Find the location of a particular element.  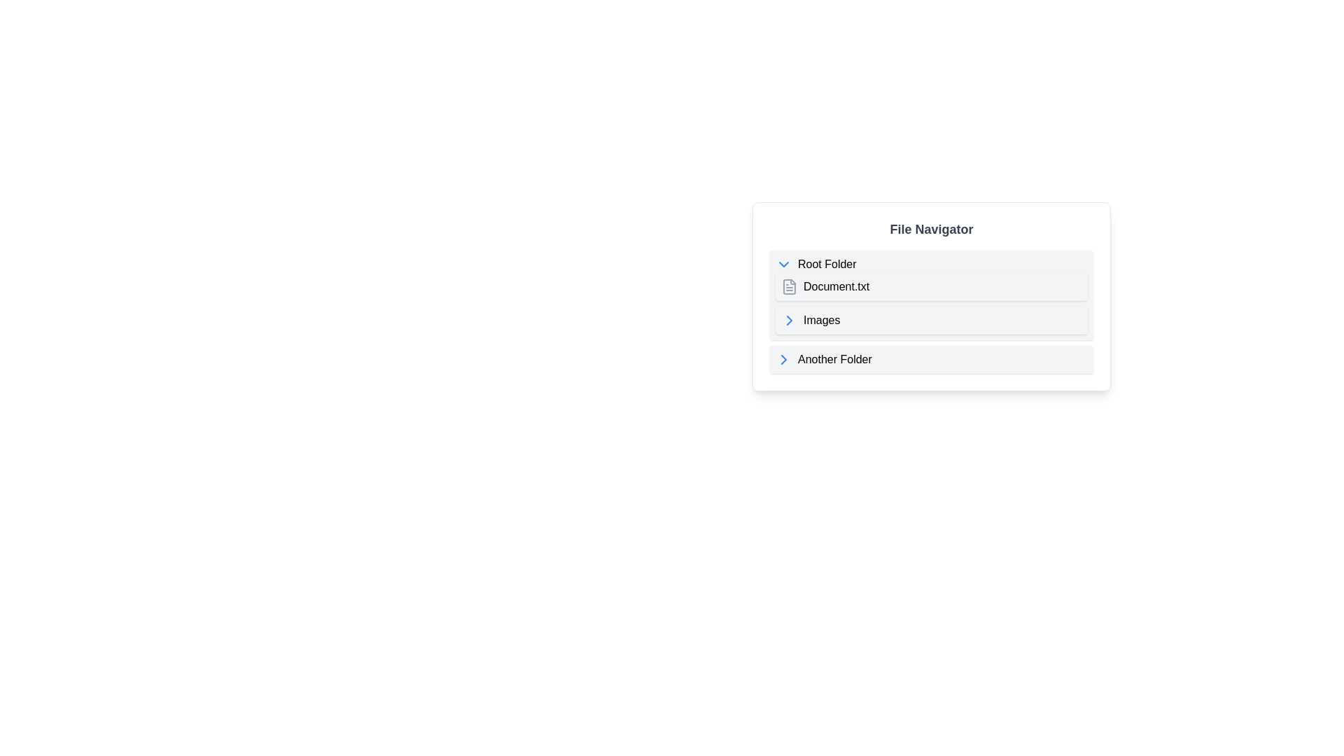

the 'Document.txt' file item in the File Navigator is located at coordinates (931, 296).